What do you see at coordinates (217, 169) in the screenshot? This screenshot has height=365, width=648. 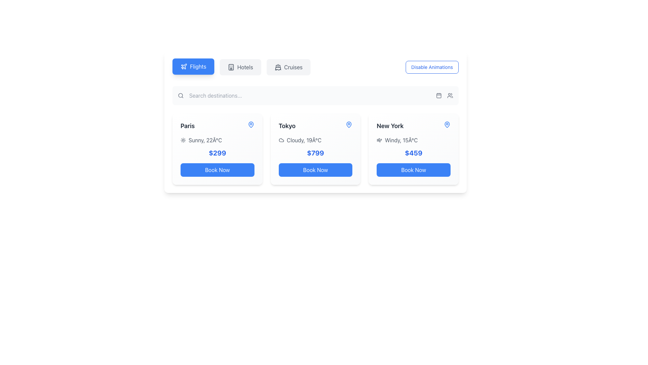 I see `the button that initiates the booking process for the Paris offer` at bounding box center [217, 169].